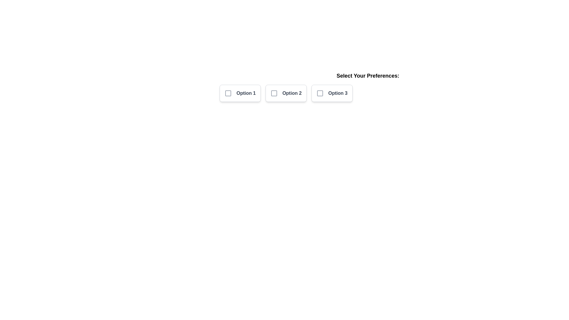  Describe the element at coordinates (274, 93) in the screenshot. I see `the checkbox or selectable icon associated with 'Option 2'` at that location.